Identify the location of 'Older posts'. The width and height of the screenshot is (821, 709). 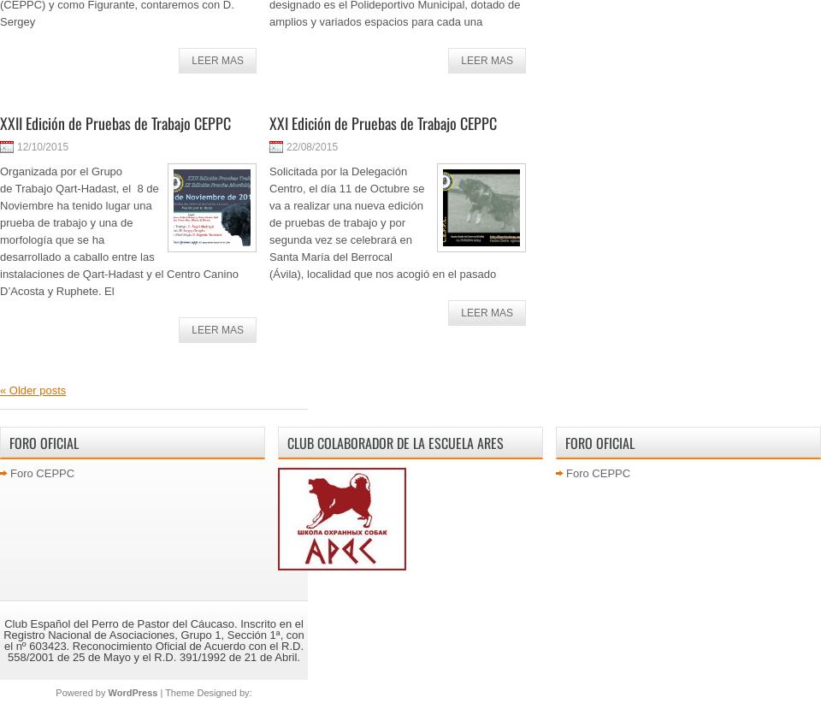
(5, 390).